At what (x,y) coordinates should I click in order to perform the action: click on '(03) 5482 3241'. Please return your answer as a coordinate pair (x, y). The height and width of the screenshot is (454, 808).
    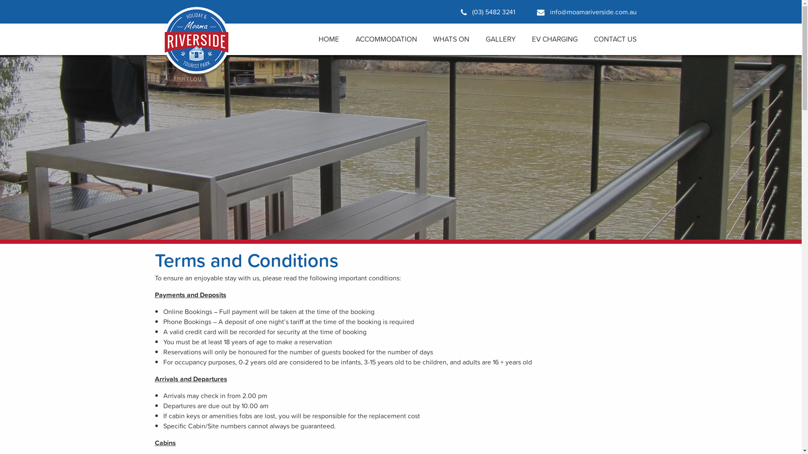
    Looking at the image, I should click on (487, 11).